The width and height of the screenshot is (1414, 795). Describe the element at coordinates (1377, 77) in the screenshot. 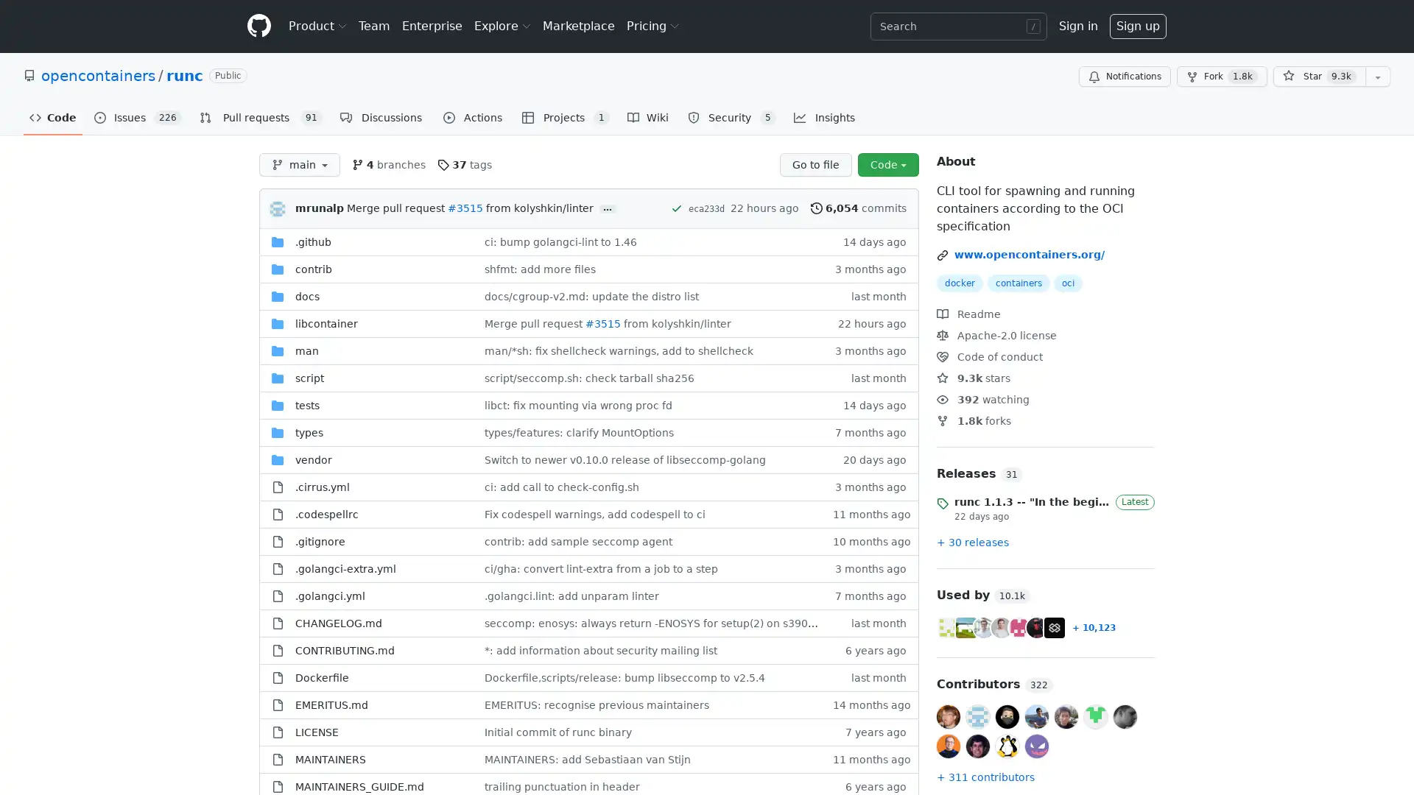

I see `You must be signed in to add this repository to a list` at that location.